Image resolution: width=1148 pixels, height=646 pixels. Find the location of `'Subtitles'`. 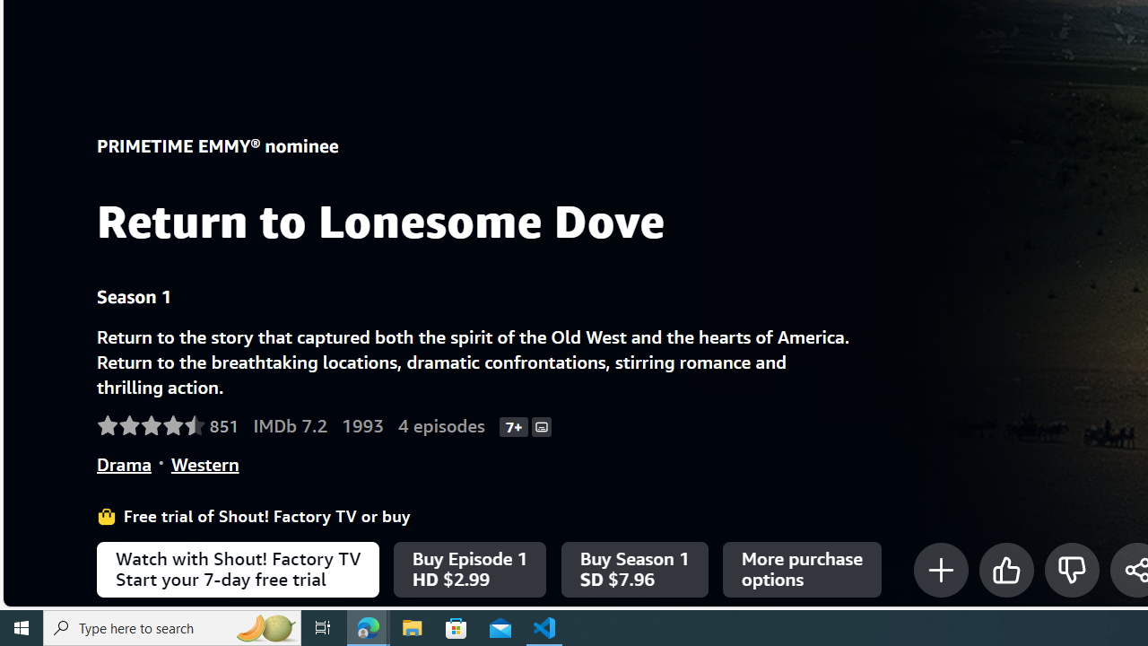

'Subtitles' is located at coordinates (541, 426).